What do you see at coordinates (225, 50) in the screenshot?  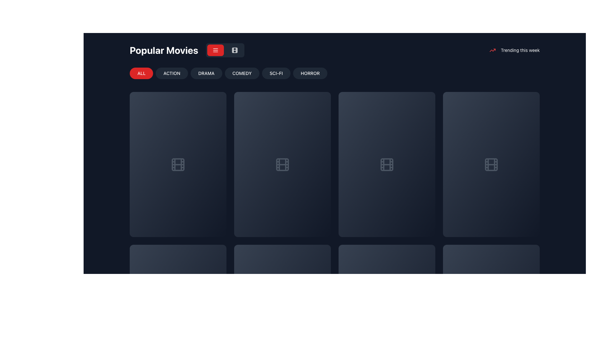 I see `the right toggle button in the button group to switch to grid mode, which is represented by a gray square with white borders` at bounding box center [225, 50].